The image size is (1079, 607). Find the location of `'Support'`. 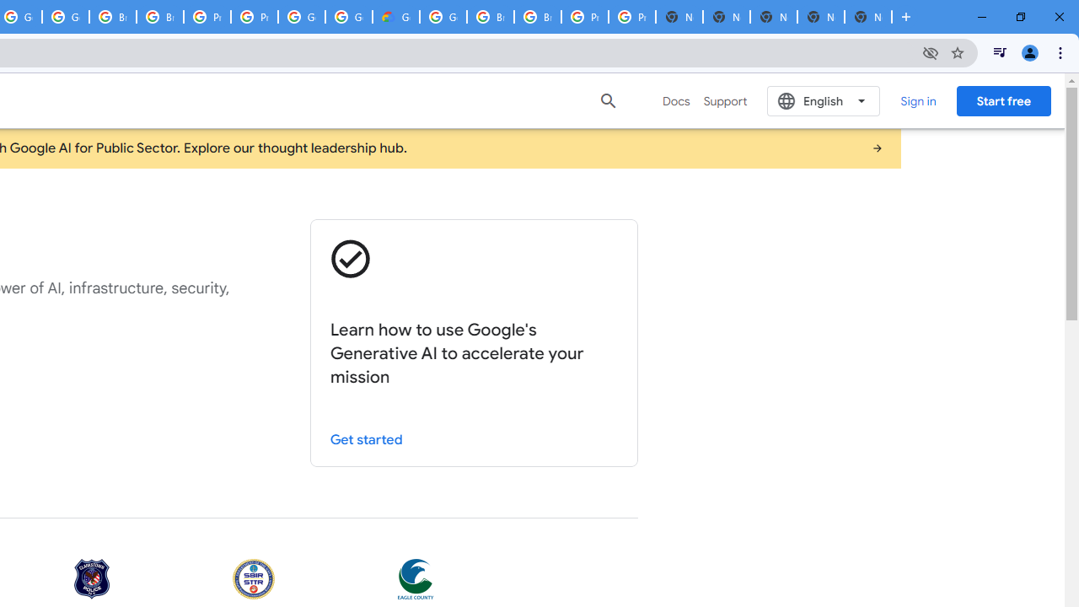

'Support' is located at coordinates (725, 100).